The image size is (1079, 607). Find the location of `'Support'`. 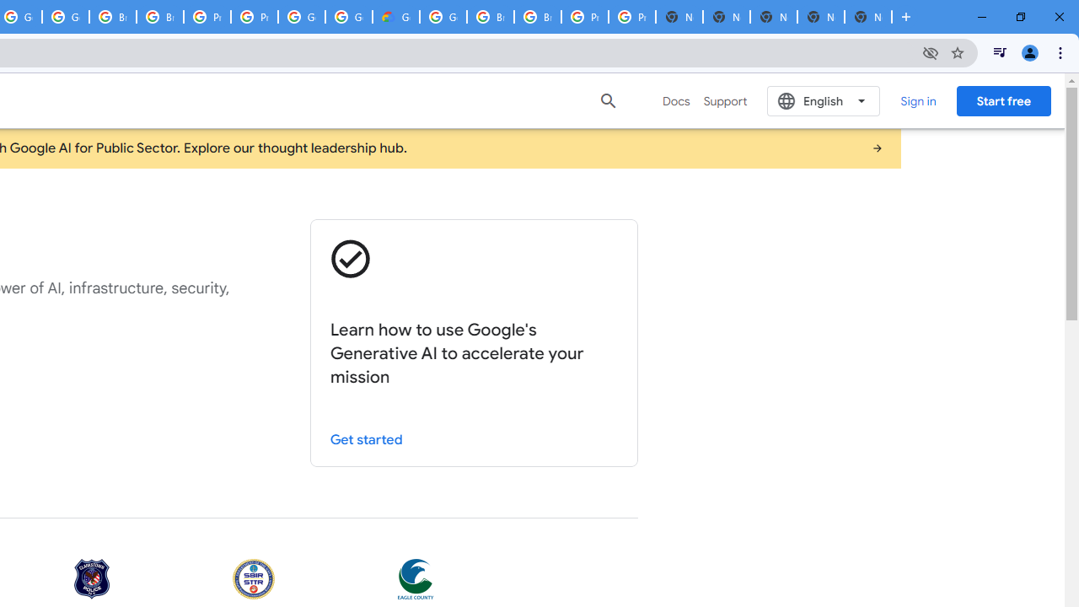

'Support' is located at coordinates (725, 100).